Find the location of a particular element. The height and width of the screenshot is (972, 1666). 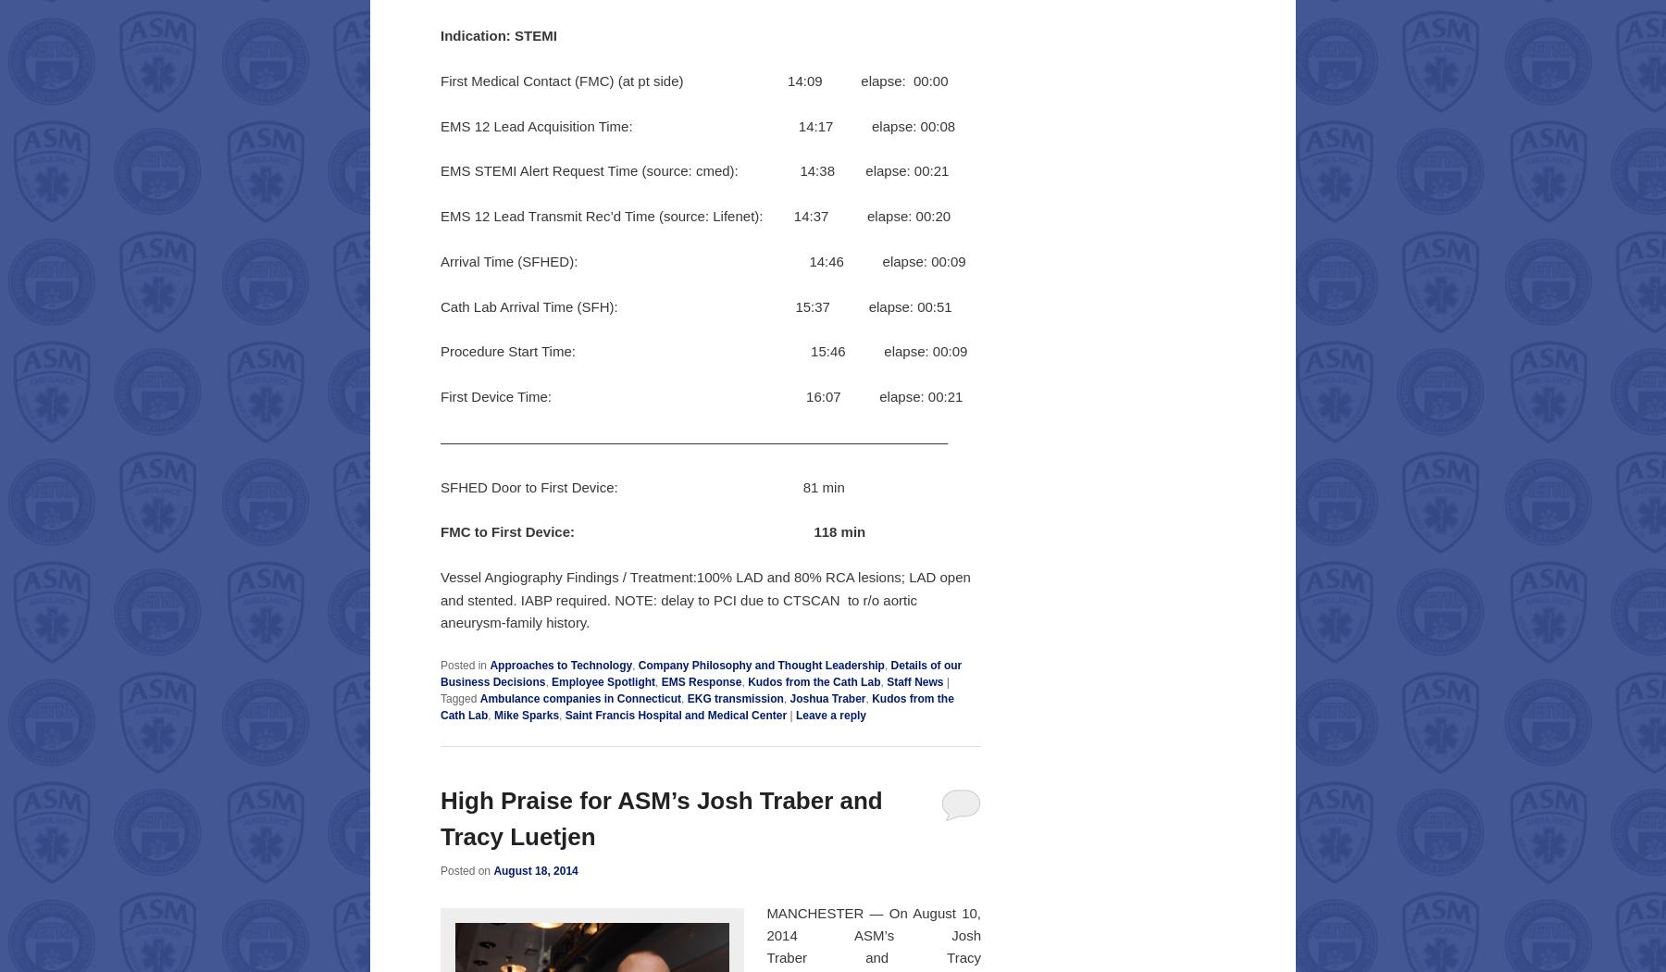

'Arrival Time (SFHED):                                                            14:46          elapse: 00:09' is located at coordinates (702, 259).